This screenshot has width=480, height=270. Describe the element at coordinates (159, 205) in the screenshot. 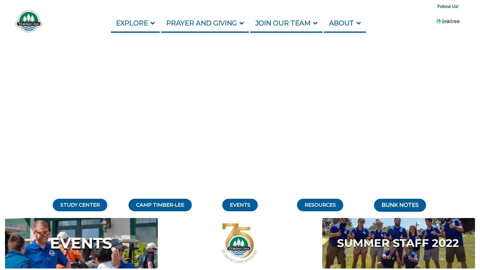

I see `CAMP TIMBER-LEE` at that location.